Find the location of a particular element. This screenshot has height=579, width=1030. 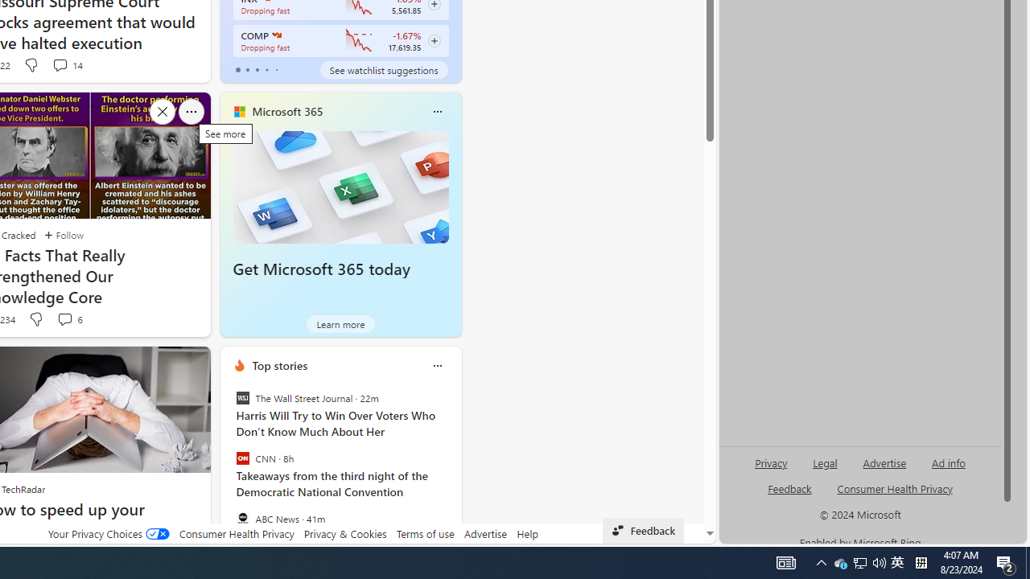

'tab-3' is located at coordinates (266, 69).